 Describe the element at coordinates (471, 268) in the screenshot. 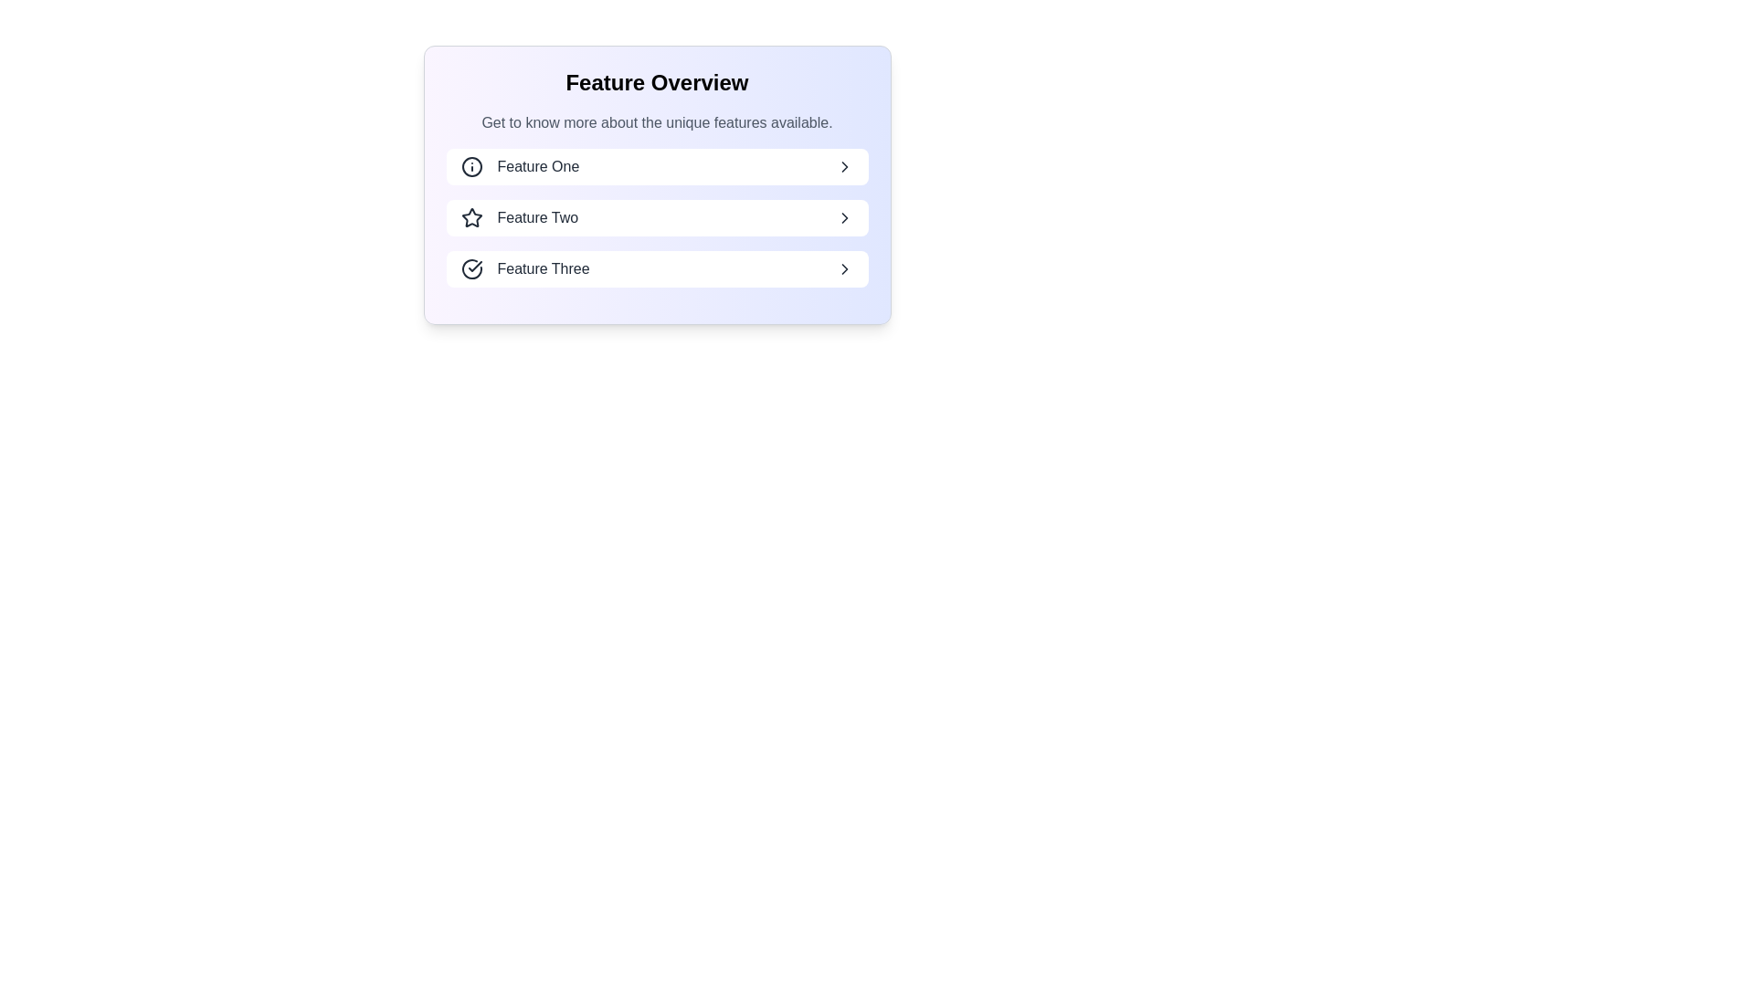

I see `the circular checkmark icon associated with 'Feature Three' in the 'Feature Overview' dialog box` at that location.